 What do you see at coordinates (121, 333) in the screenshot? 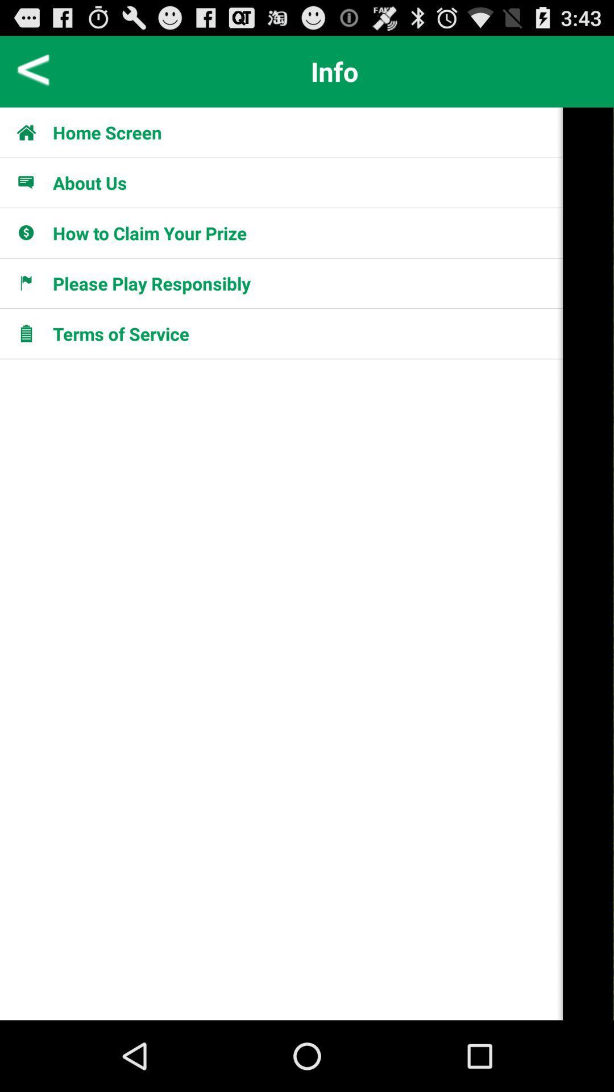
I see `terms of service app` at bounding box center [121, 333].